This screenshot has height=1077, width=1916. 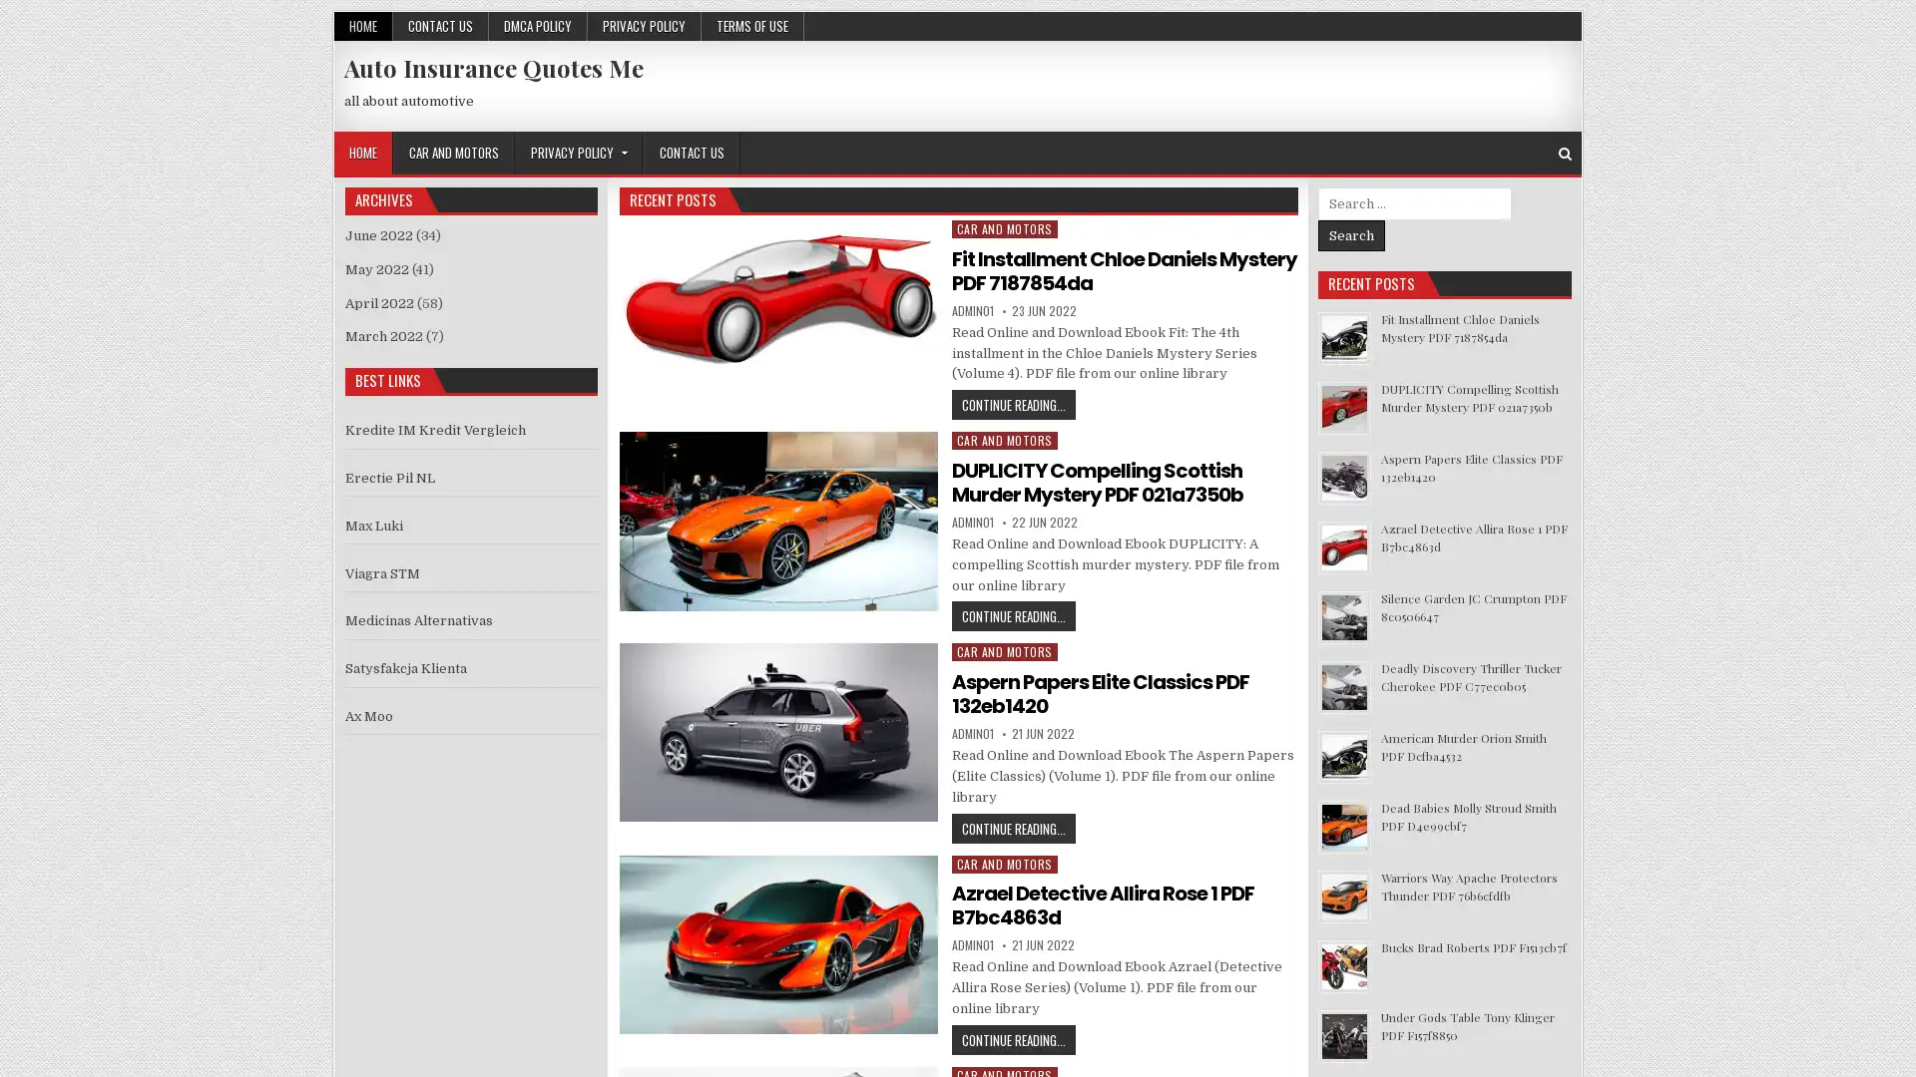 I want to click on Search, so click(x=1351, y=234).